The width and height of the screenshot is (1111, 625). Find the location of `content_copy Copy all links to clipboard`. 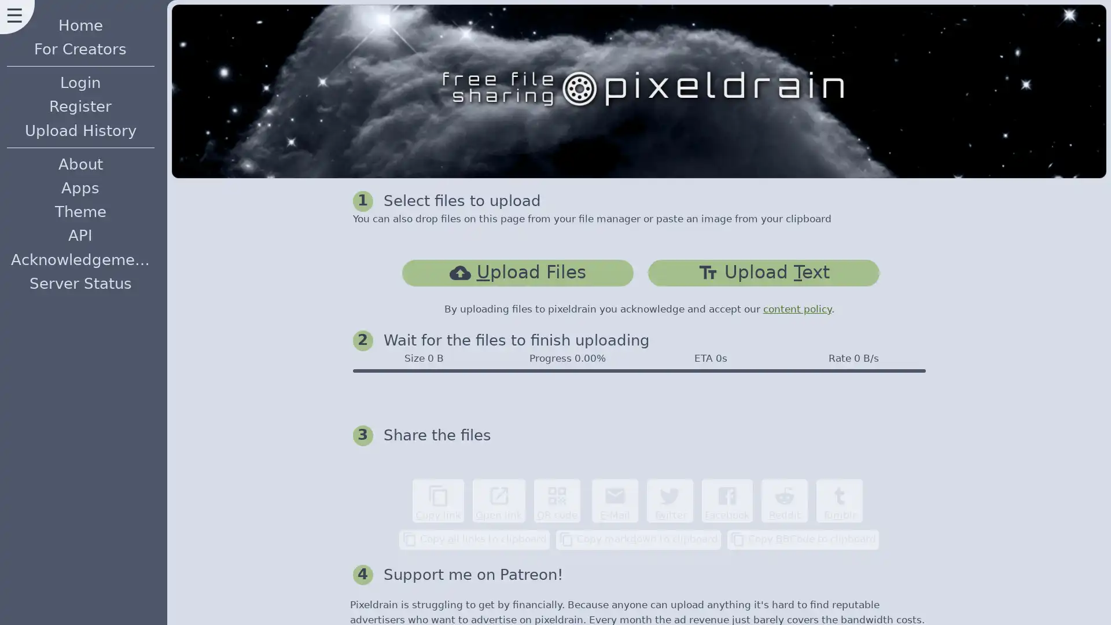

content_copy Copy all links to clipboard is located at coordinates (474, 539).